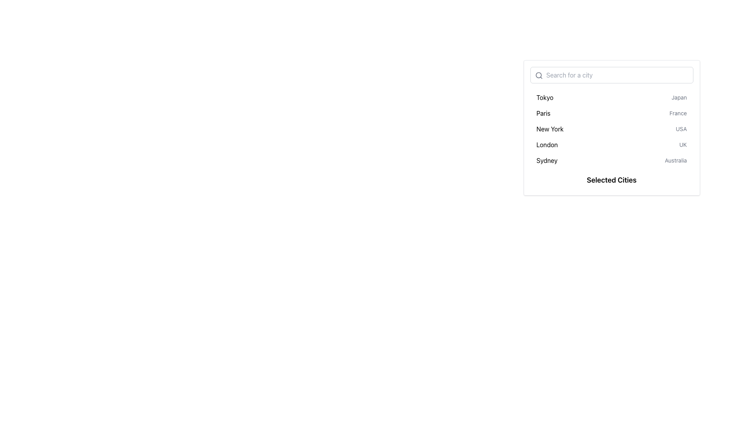  Describe the element at coordinates (544, 97) in the screenshot. I see `the Text Label displaying the city name 'Tokyo'` at that location.